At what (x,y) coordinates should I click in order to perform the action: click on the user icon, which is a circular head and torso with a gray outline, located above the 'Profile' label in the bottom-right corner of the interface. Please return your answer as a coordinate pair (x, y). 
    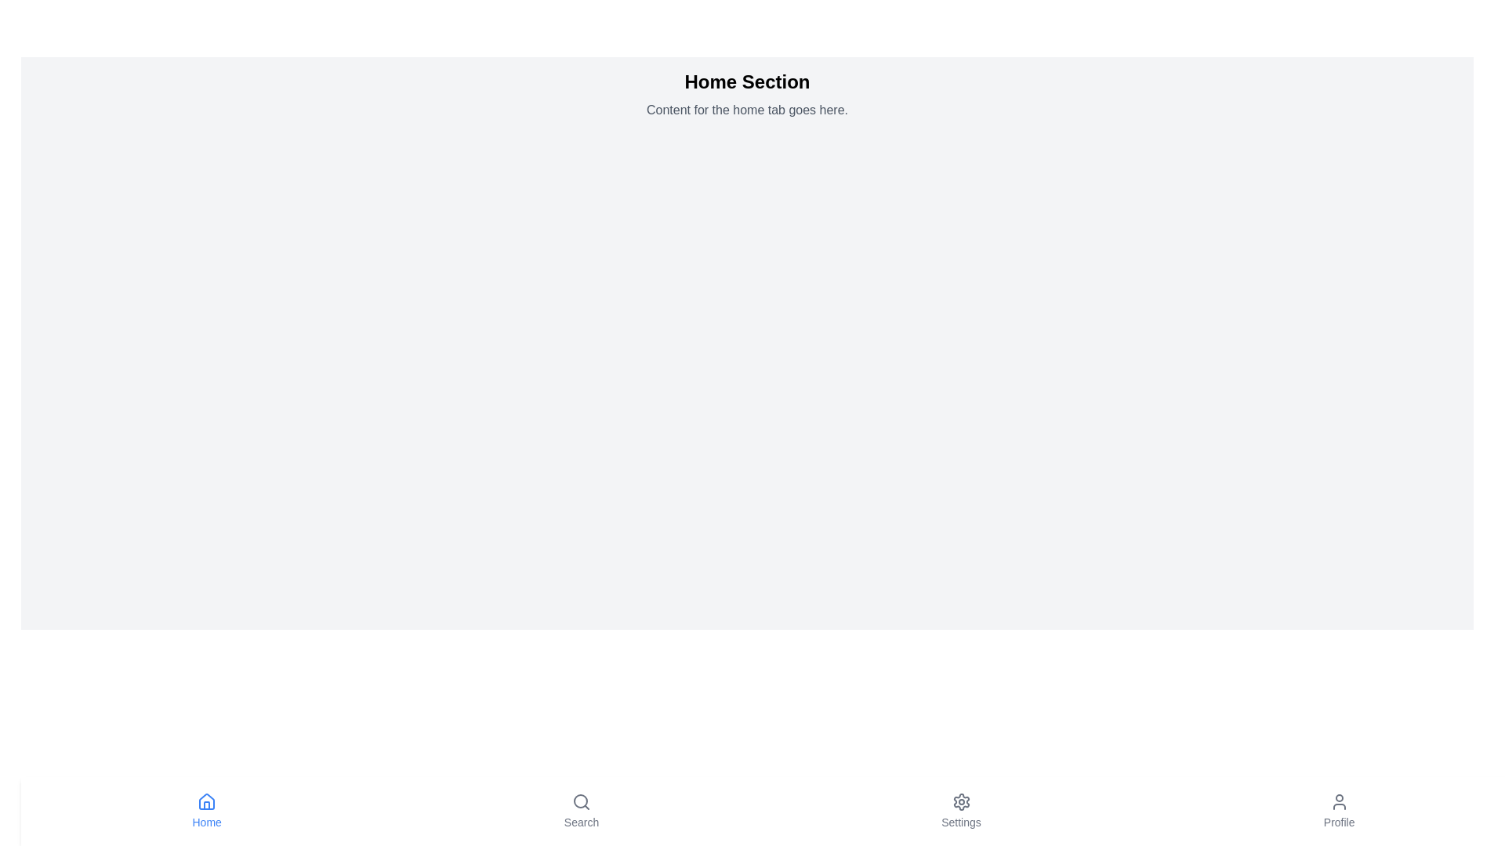
    Looking at the image, I should click on (1338, 801).